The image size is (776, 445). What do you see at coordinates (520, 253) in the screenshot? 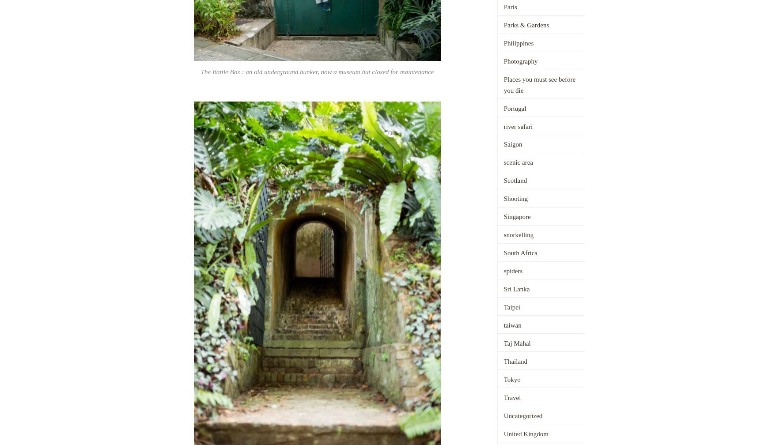
I see `'South Africa'` at bounding box center [520, 253].